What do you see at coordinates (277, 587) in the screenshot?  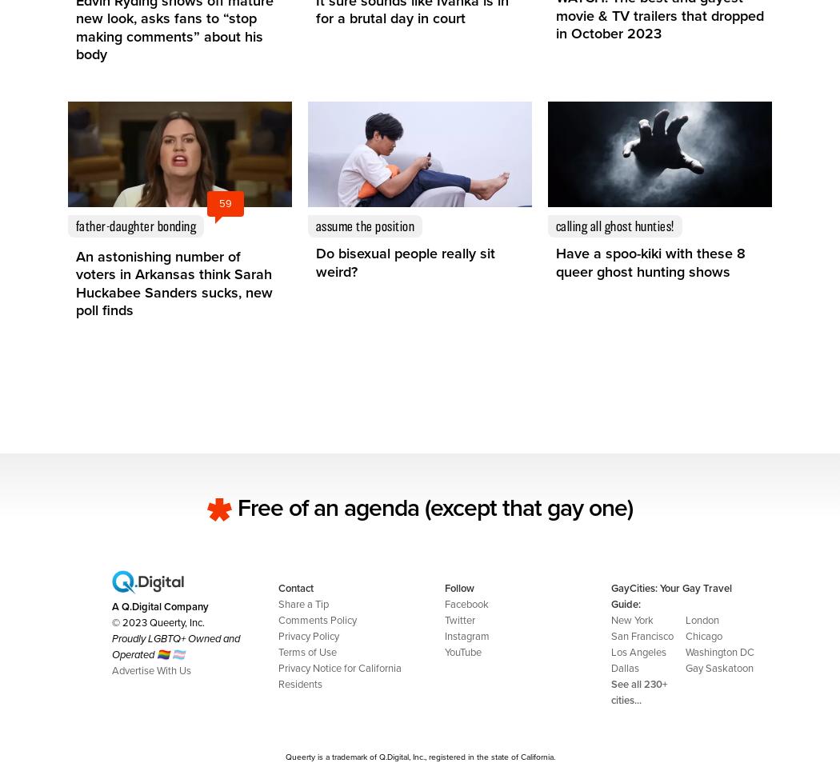 I see `'Contact'` at bounding box center [277, 587].